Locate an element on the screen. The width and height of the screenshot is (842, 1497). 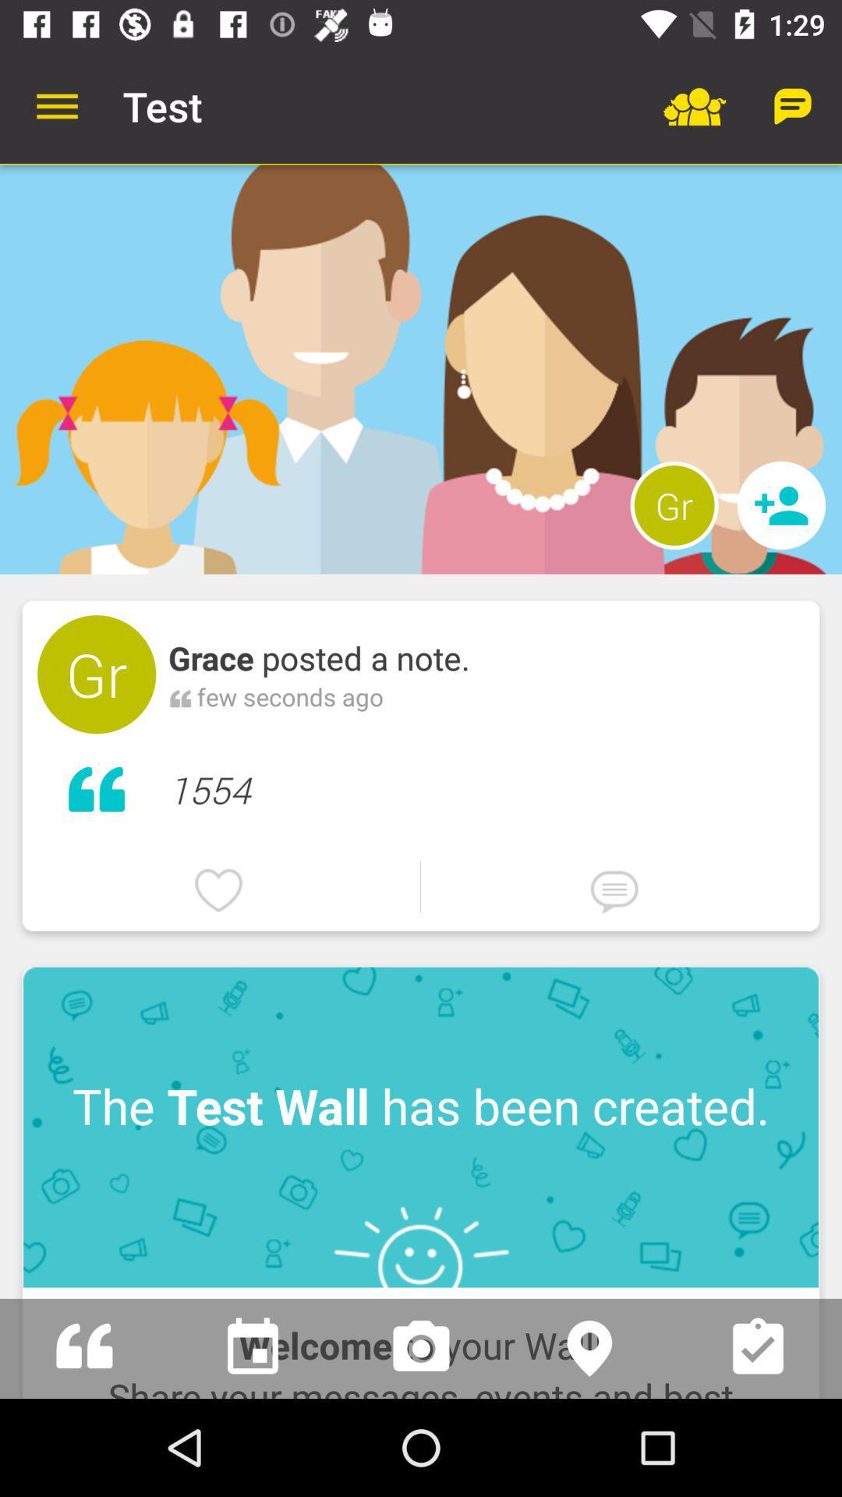
the item next to test is located at coordinates (56, 105).